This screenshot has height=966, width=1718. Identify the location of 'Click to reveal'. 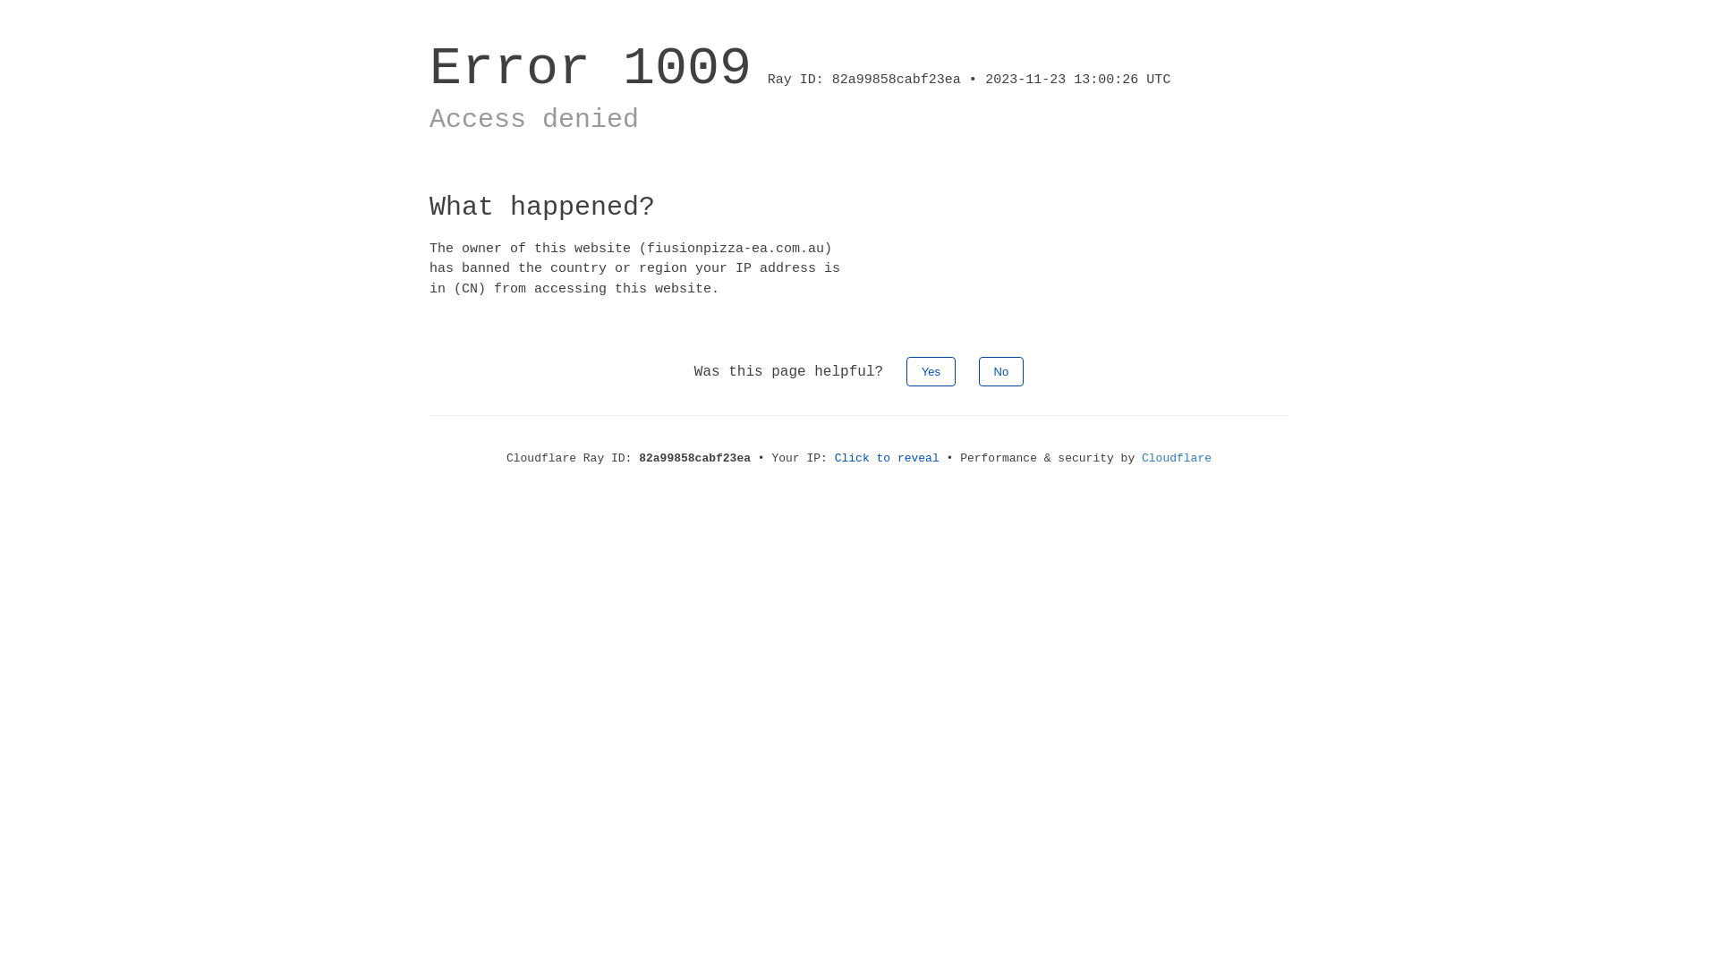
(887, 457).